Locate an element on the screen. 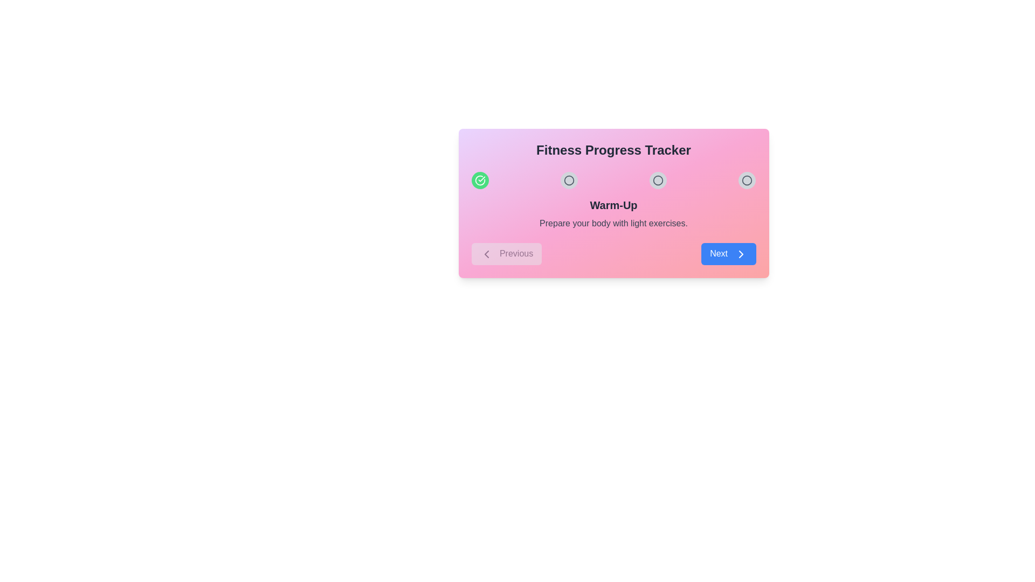 The width and height of the screenshot is (1035, 582). the middle circular icon in the Fitness Progress Tracker, which indicates the current step in the progress sequence is located at coordinates (658, 180).